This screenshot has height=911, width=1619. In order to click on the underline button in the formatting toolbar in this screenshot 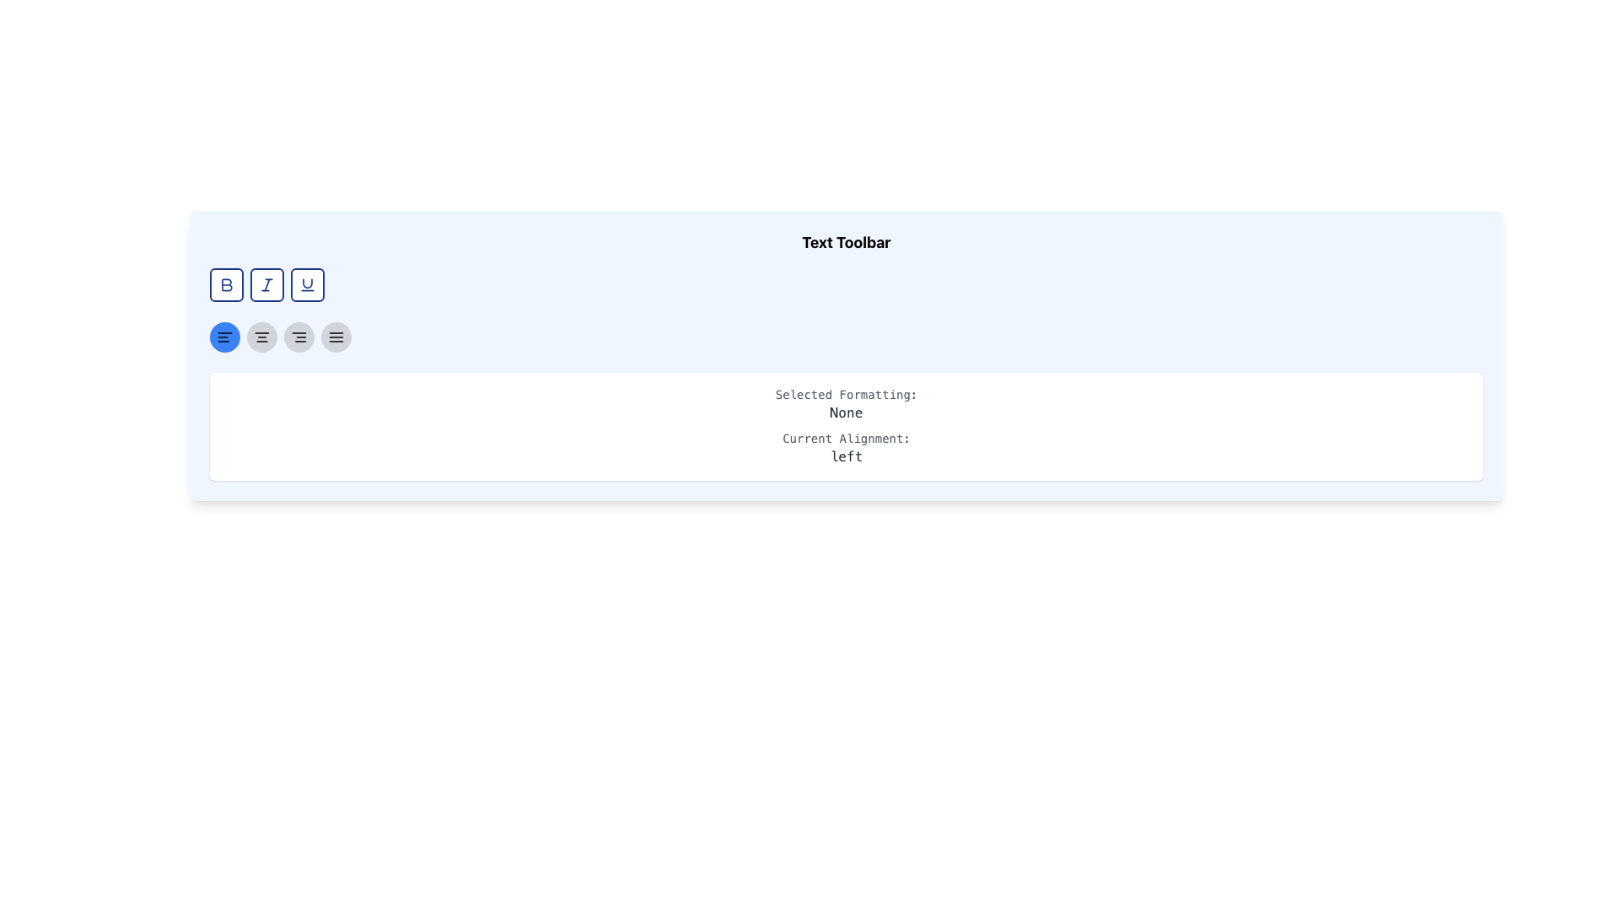, I will do `click(307, 284)`.